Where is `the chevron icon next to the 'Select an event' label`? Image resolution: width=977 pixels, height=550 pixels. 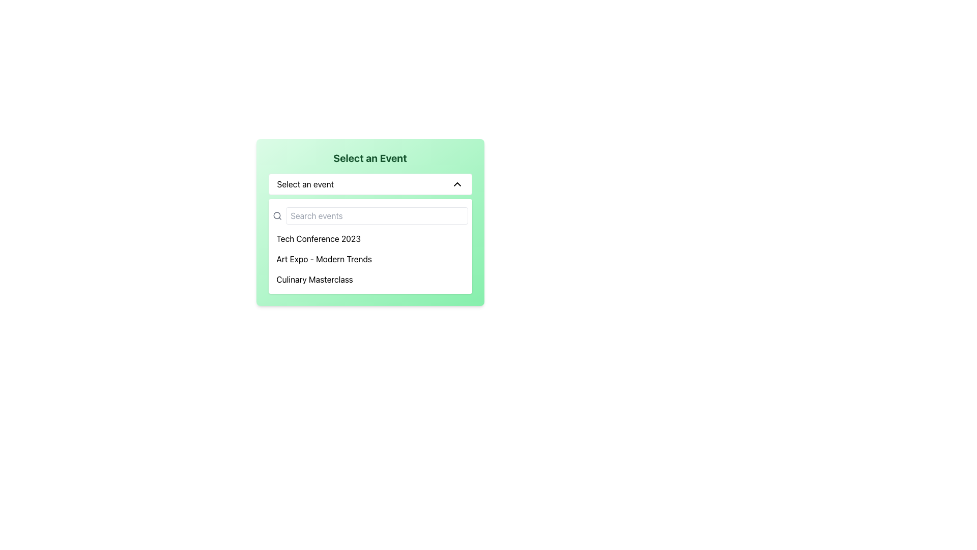 the chevron icon next to the 'Select an event' label is located at coordinates (456, 184).